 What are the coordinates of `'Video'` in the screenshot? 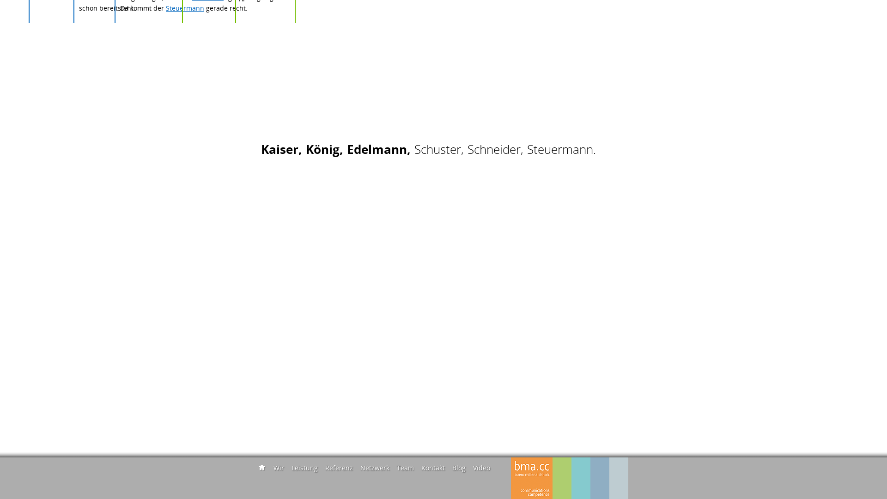 It's located at (481, 468).